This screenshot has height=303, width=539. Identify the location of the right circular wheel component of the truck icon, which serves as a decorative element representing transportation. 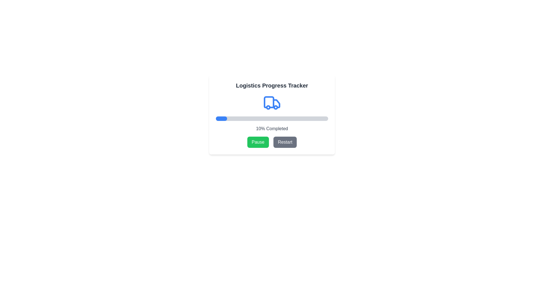
(276, 107).